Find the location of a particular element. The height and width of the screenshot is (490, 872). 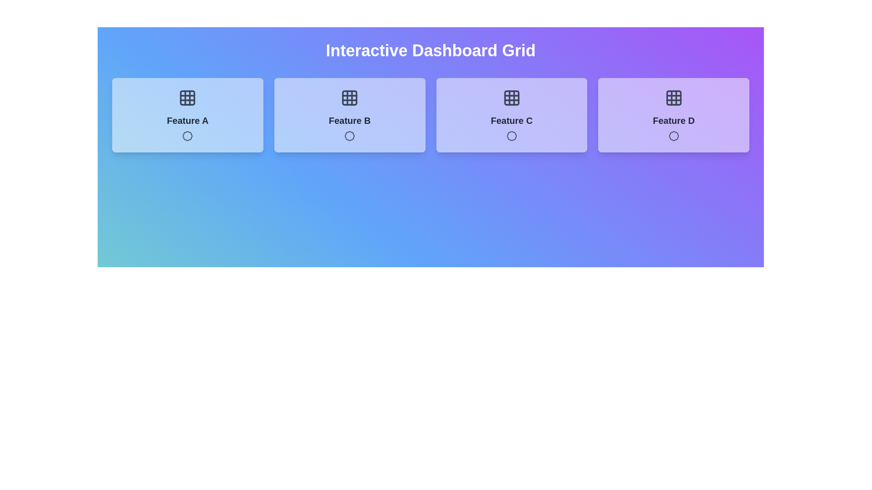

the decorative icon located in the 'Feature D' card, positioned centrally below the 'Feature D' label is located at coordinates (674, 136).